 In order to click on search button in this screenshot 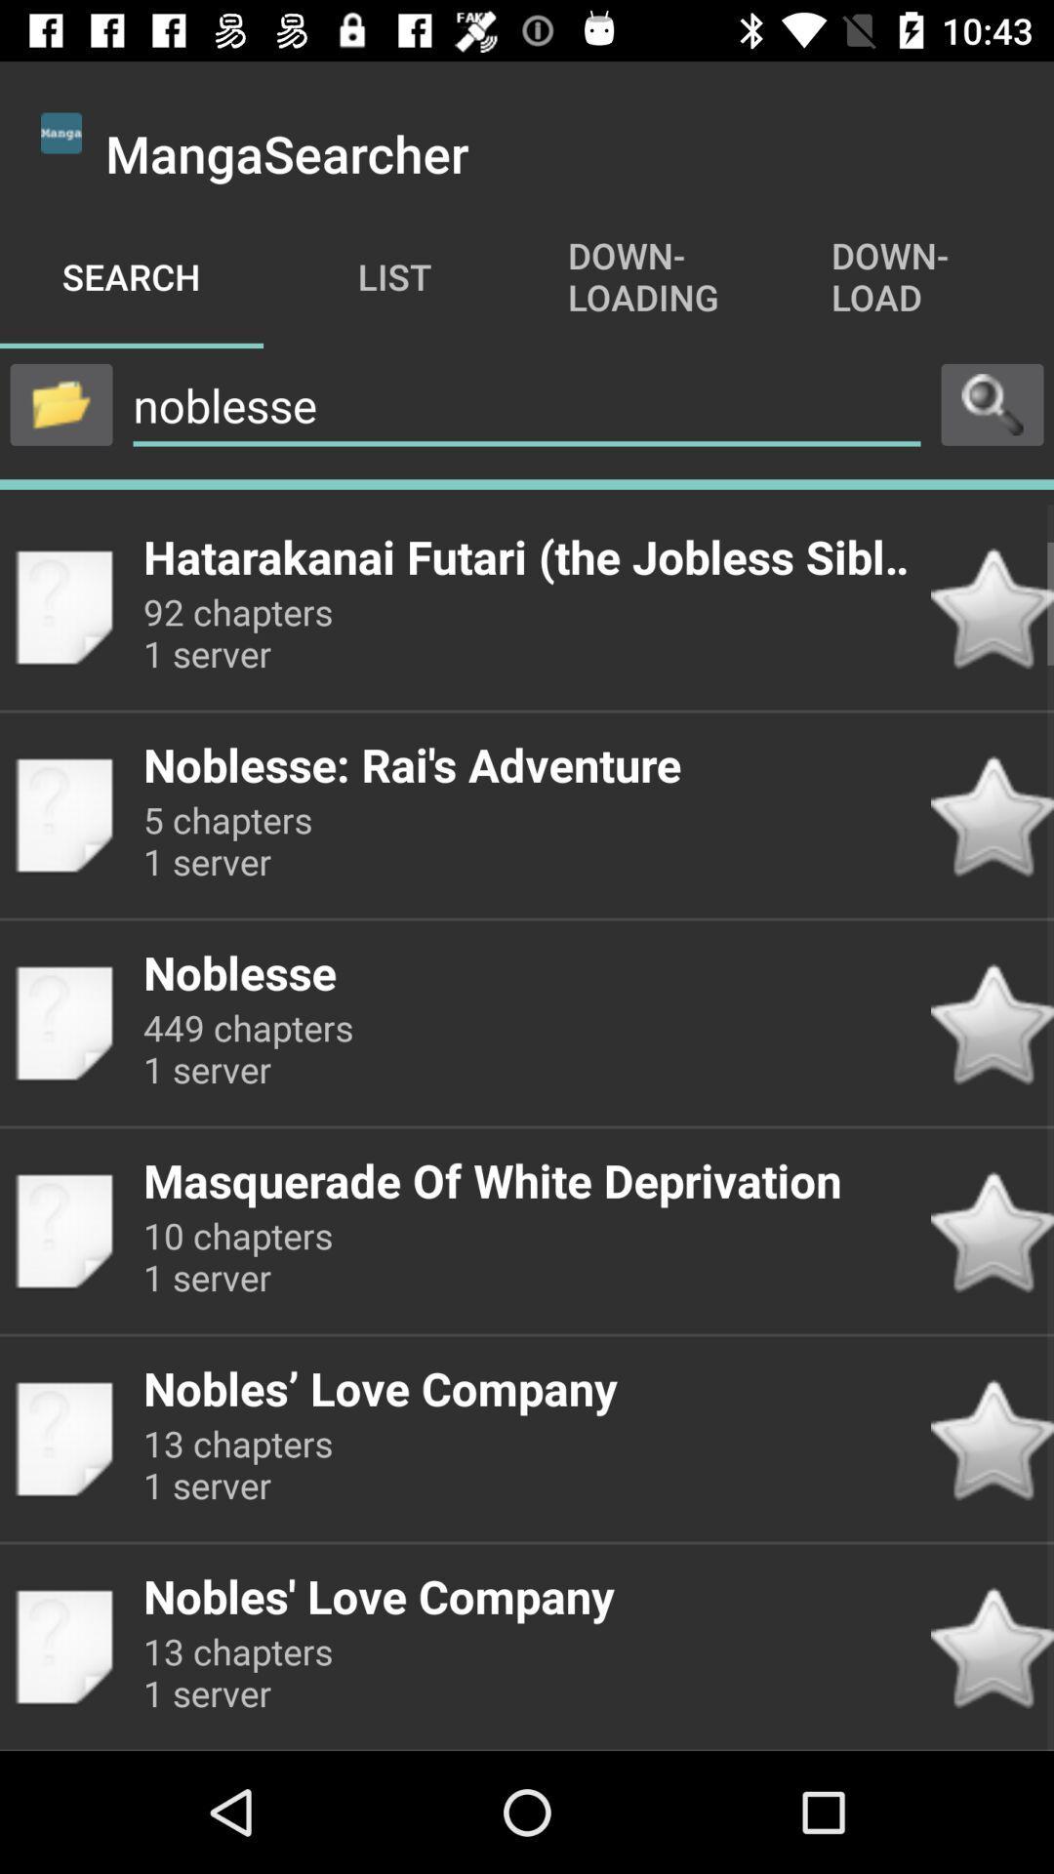, I will do `click(993, 403)`.